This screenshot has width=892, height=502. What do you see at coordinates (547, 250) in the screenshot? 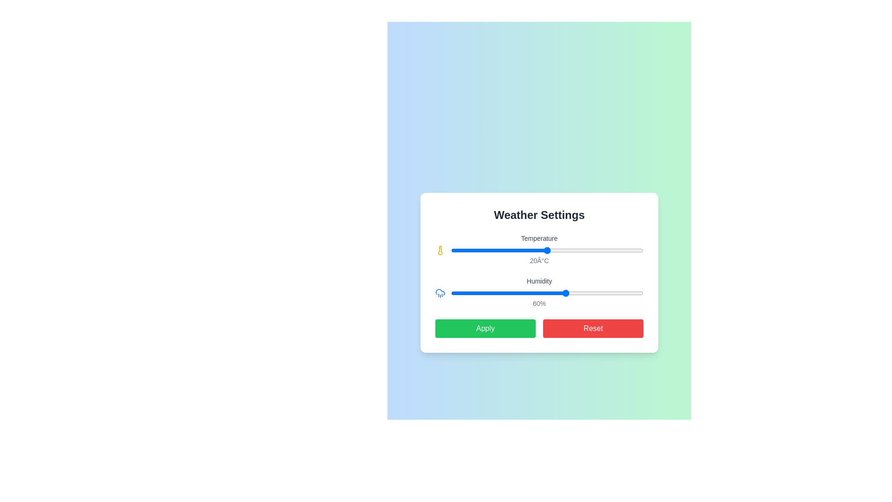
I see `the handle of the temperature slider input, which adjusts the temperature setting from 0` at bounding box center [547, 250].